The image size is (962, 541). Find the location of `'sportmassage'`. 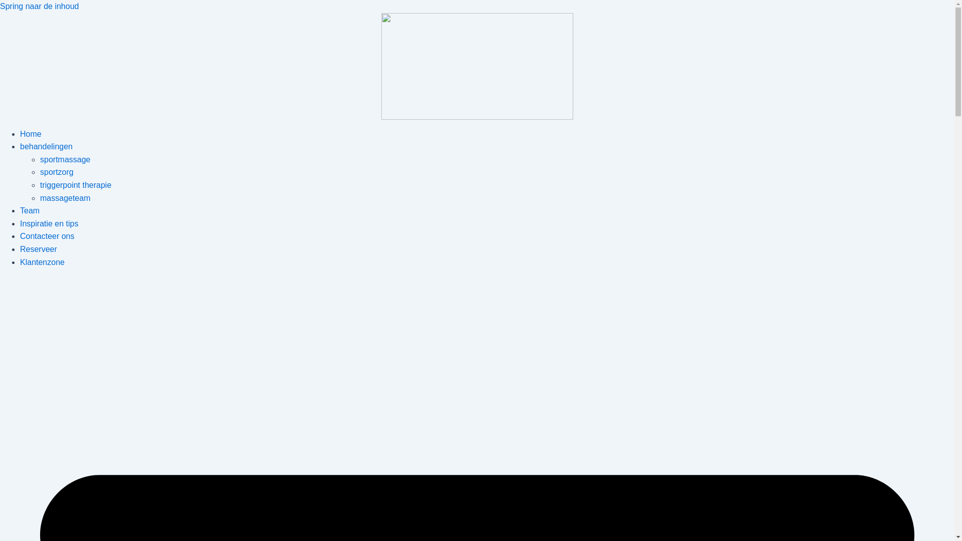

'sportmassage' is located at coordinates (65, 159).